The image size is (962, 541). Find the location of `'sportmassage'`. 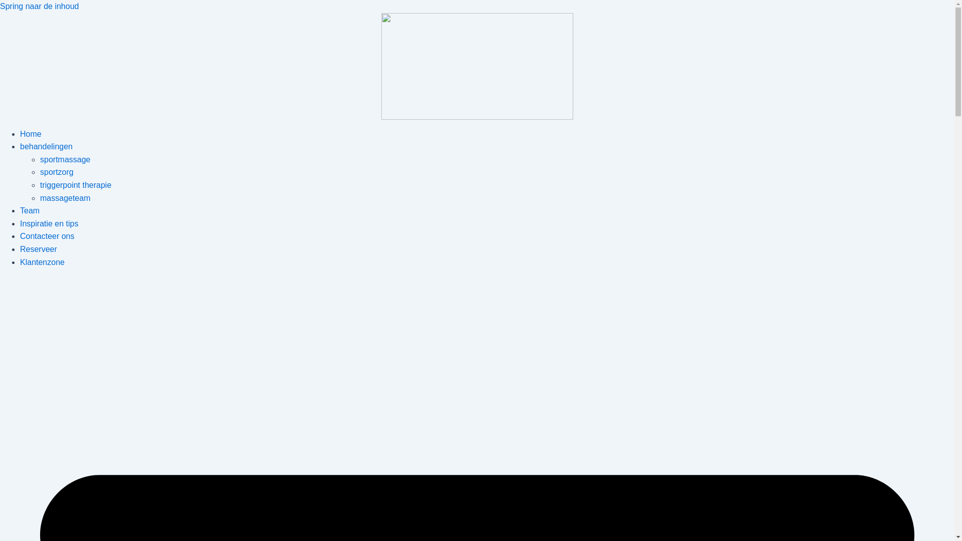

'sportmassage' is located at coordinates (65, 159).